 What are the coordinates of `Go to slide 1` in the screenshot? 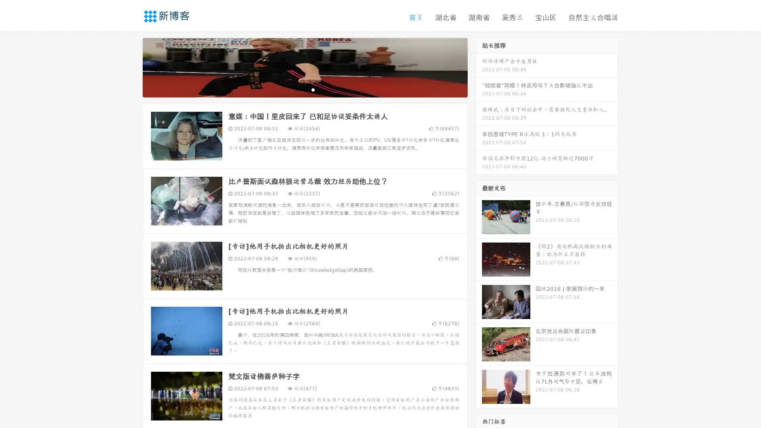 It's located at (296, 89).